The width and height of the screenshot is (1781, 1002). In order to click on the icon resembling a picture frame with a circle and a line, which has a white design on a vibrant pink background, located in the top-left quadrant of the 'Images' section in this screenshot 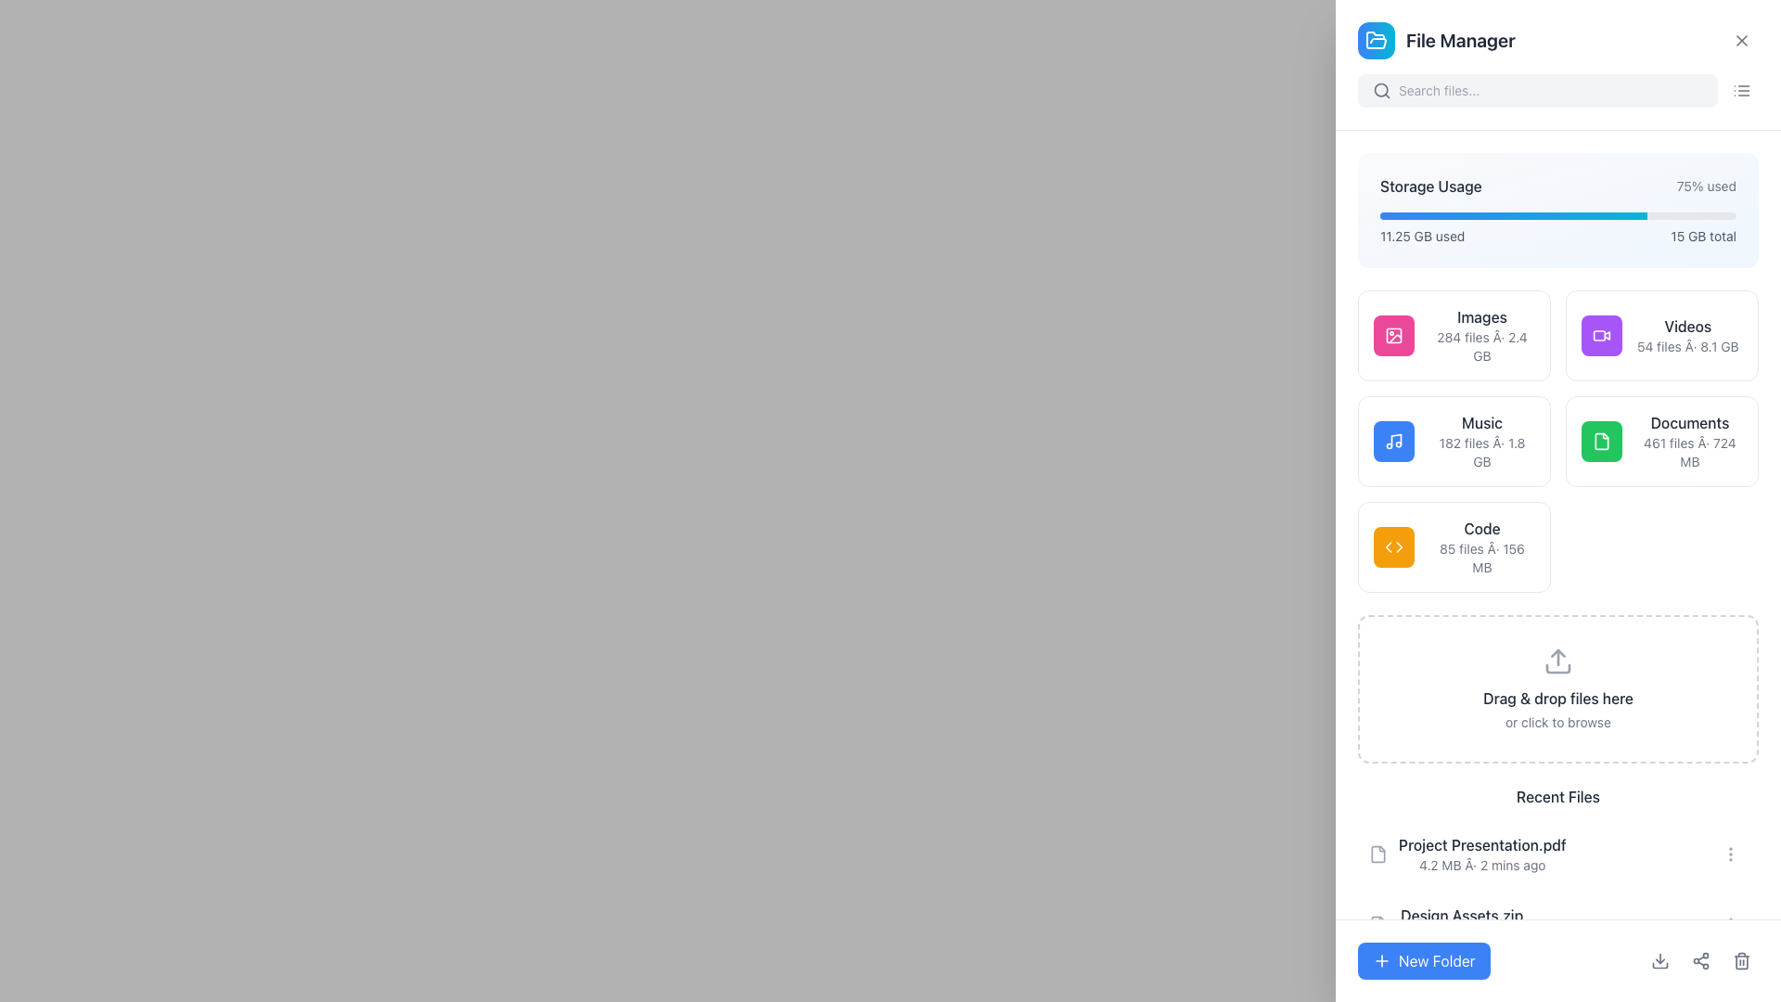, I will do `click(1393, 336)`.